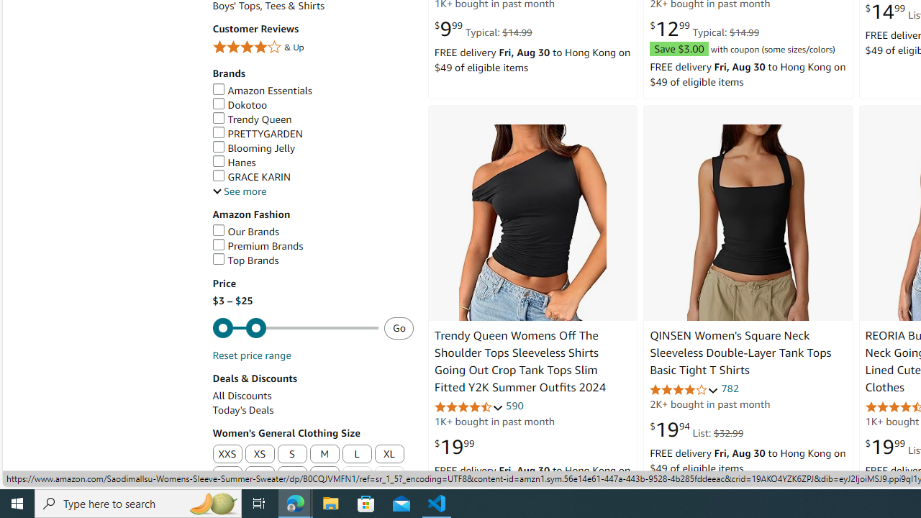  Describe the element at coordinates (294, 328) in the screenshot. I see `'Maximum'` at that location.